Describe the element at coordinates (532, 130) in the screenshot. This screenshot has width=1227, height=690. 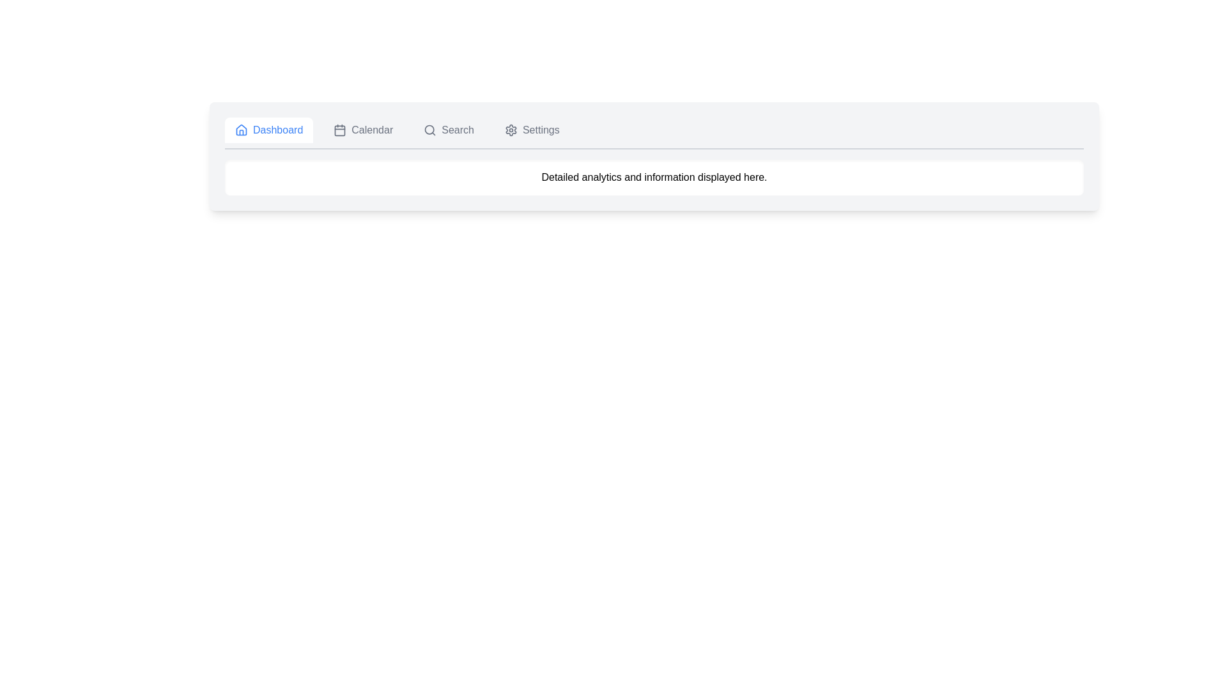
I see `the settings navigation button located` at that location.